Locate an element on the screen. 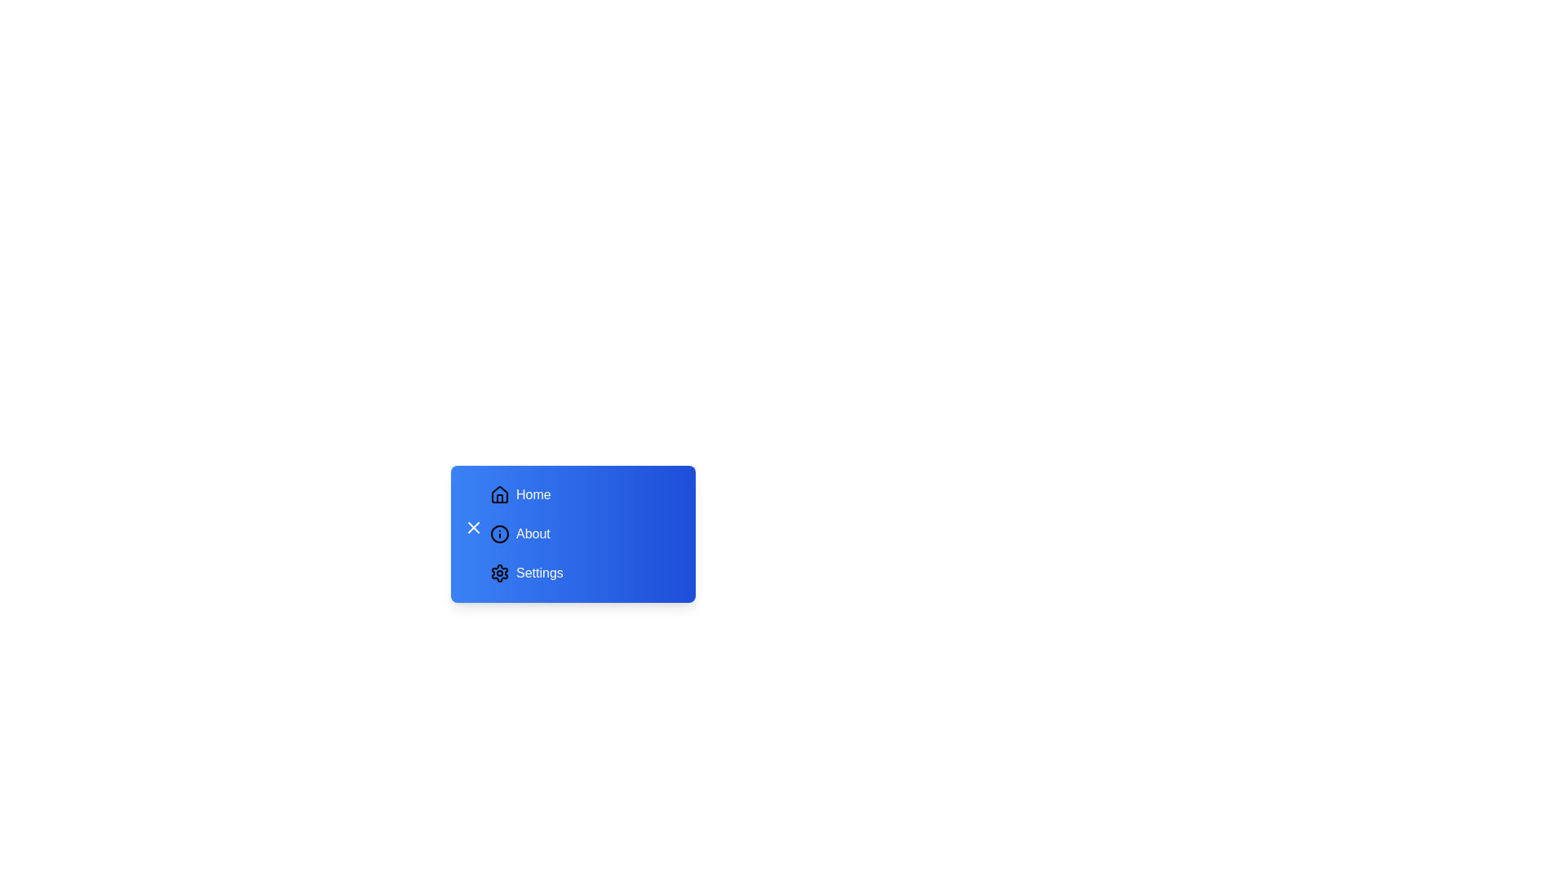  the menu item labeled Settings is located at coordinates (583, 572).